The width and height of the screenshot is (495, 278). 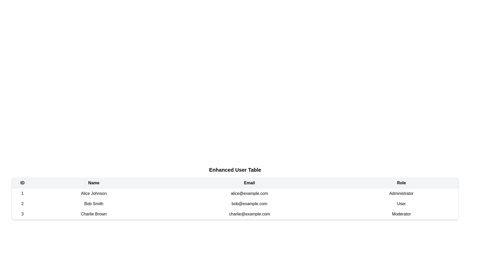 I want to click on the static text component displaying the number '2' in the second row of the table under the 'ID' column, so click(x=22, y=203).